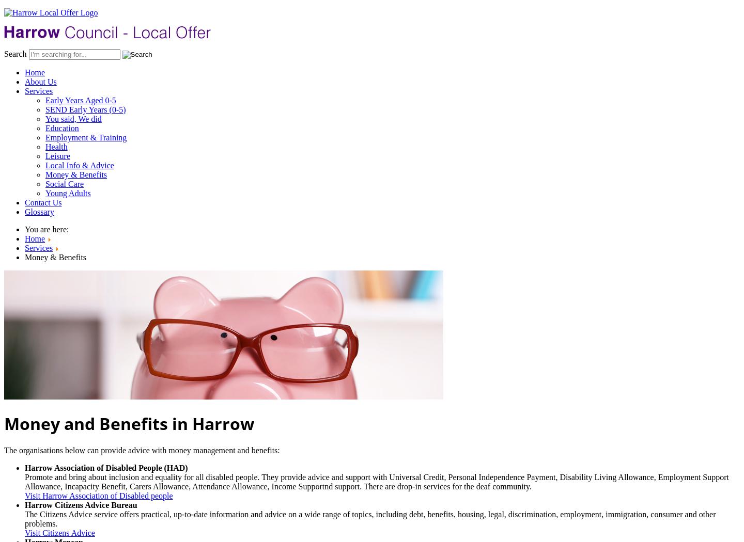 The height and width of the screenshot is (542, 744). I want to click on 'Money and Benefits in Harrow', so click(128, 423).